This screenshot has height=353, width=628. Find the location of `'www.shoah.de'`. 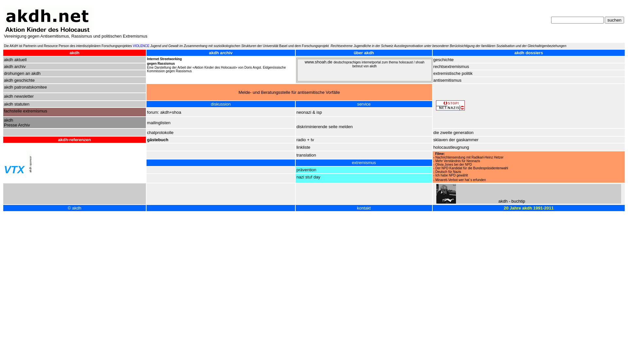

'www.shoah.de' is located at coordinates (319, 62).